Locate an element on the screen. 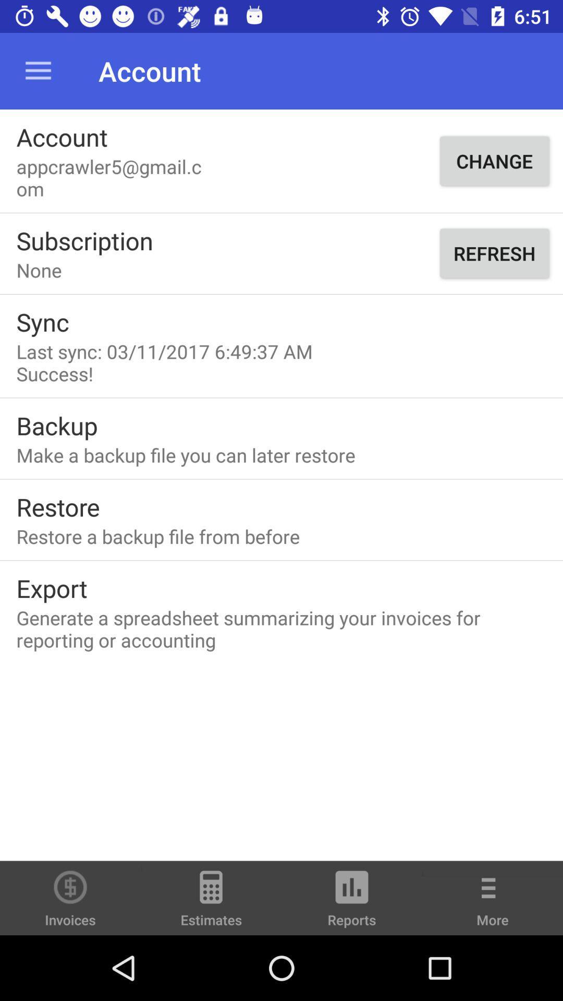 The height and width of the screenshot is (1001, 563). reports icon is located at coordinates (352, 902).